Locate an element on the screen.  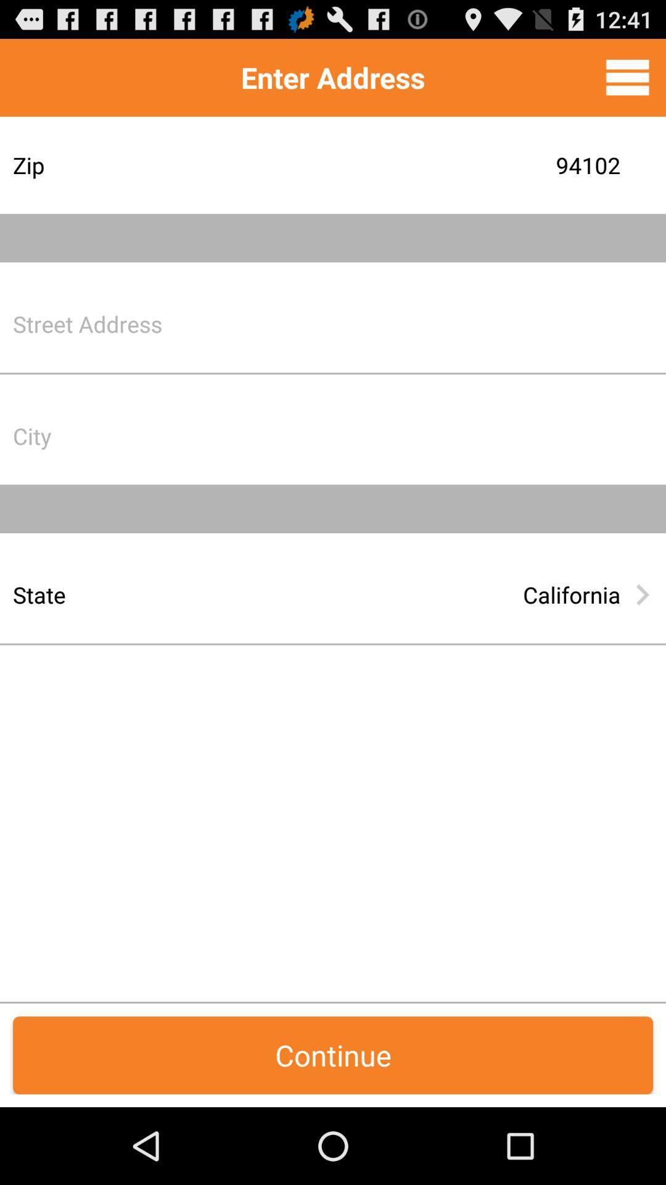
the menu icon is located at coordinates (627, 82).